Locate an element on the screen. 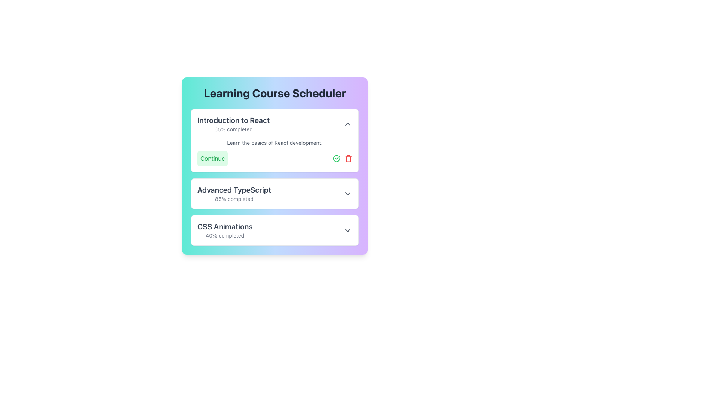 The image size is (718, 404). the text display that reads 'Learn the basics of React development.' located in the 'Introduction to React' section of the learning course scheduler interface is located at coordinates (274, 143).